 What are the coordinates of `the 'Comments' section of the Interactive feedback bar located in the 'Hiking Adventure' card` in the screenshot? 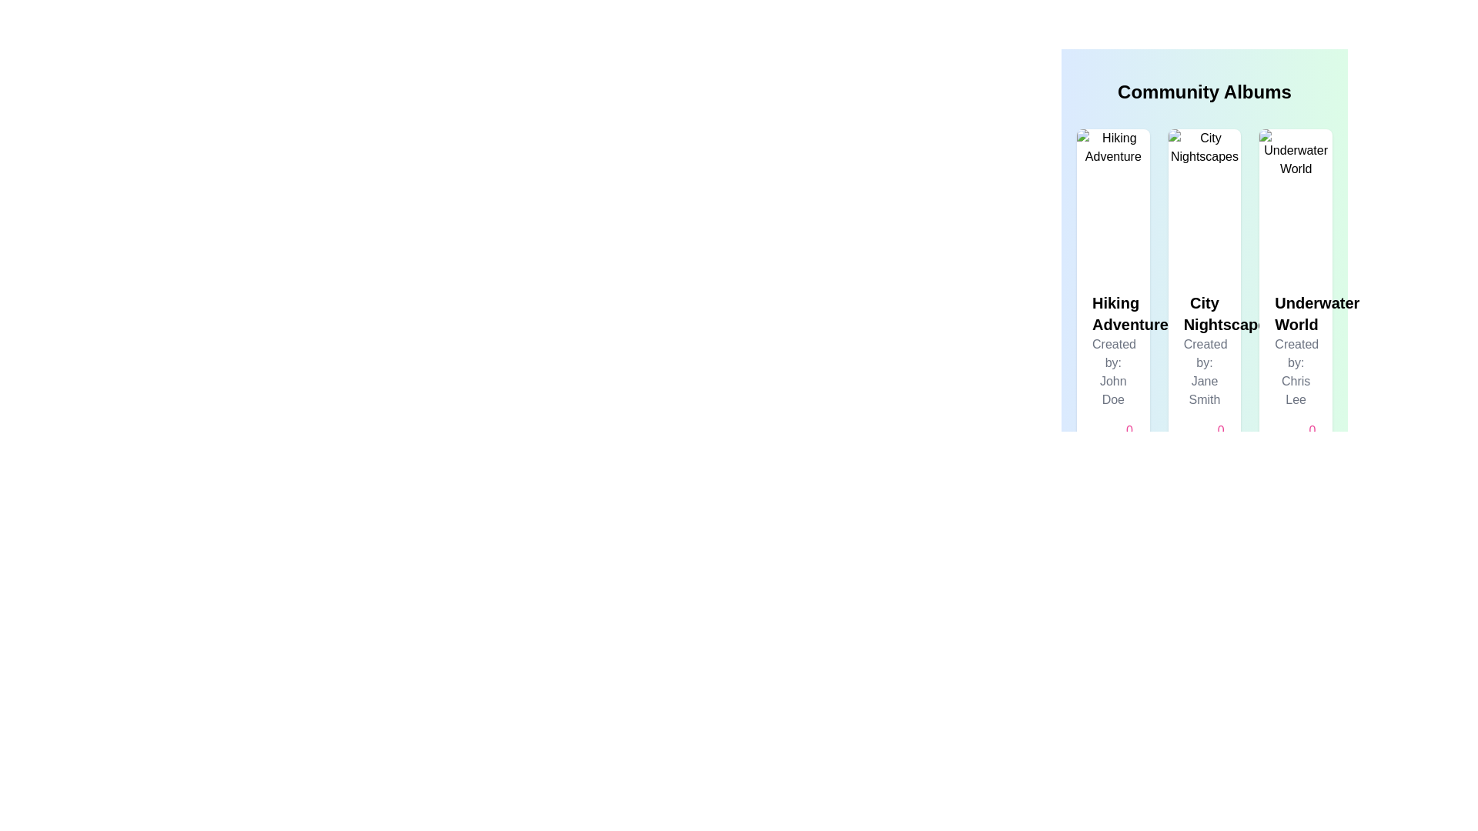 It's located at (1113, 439).